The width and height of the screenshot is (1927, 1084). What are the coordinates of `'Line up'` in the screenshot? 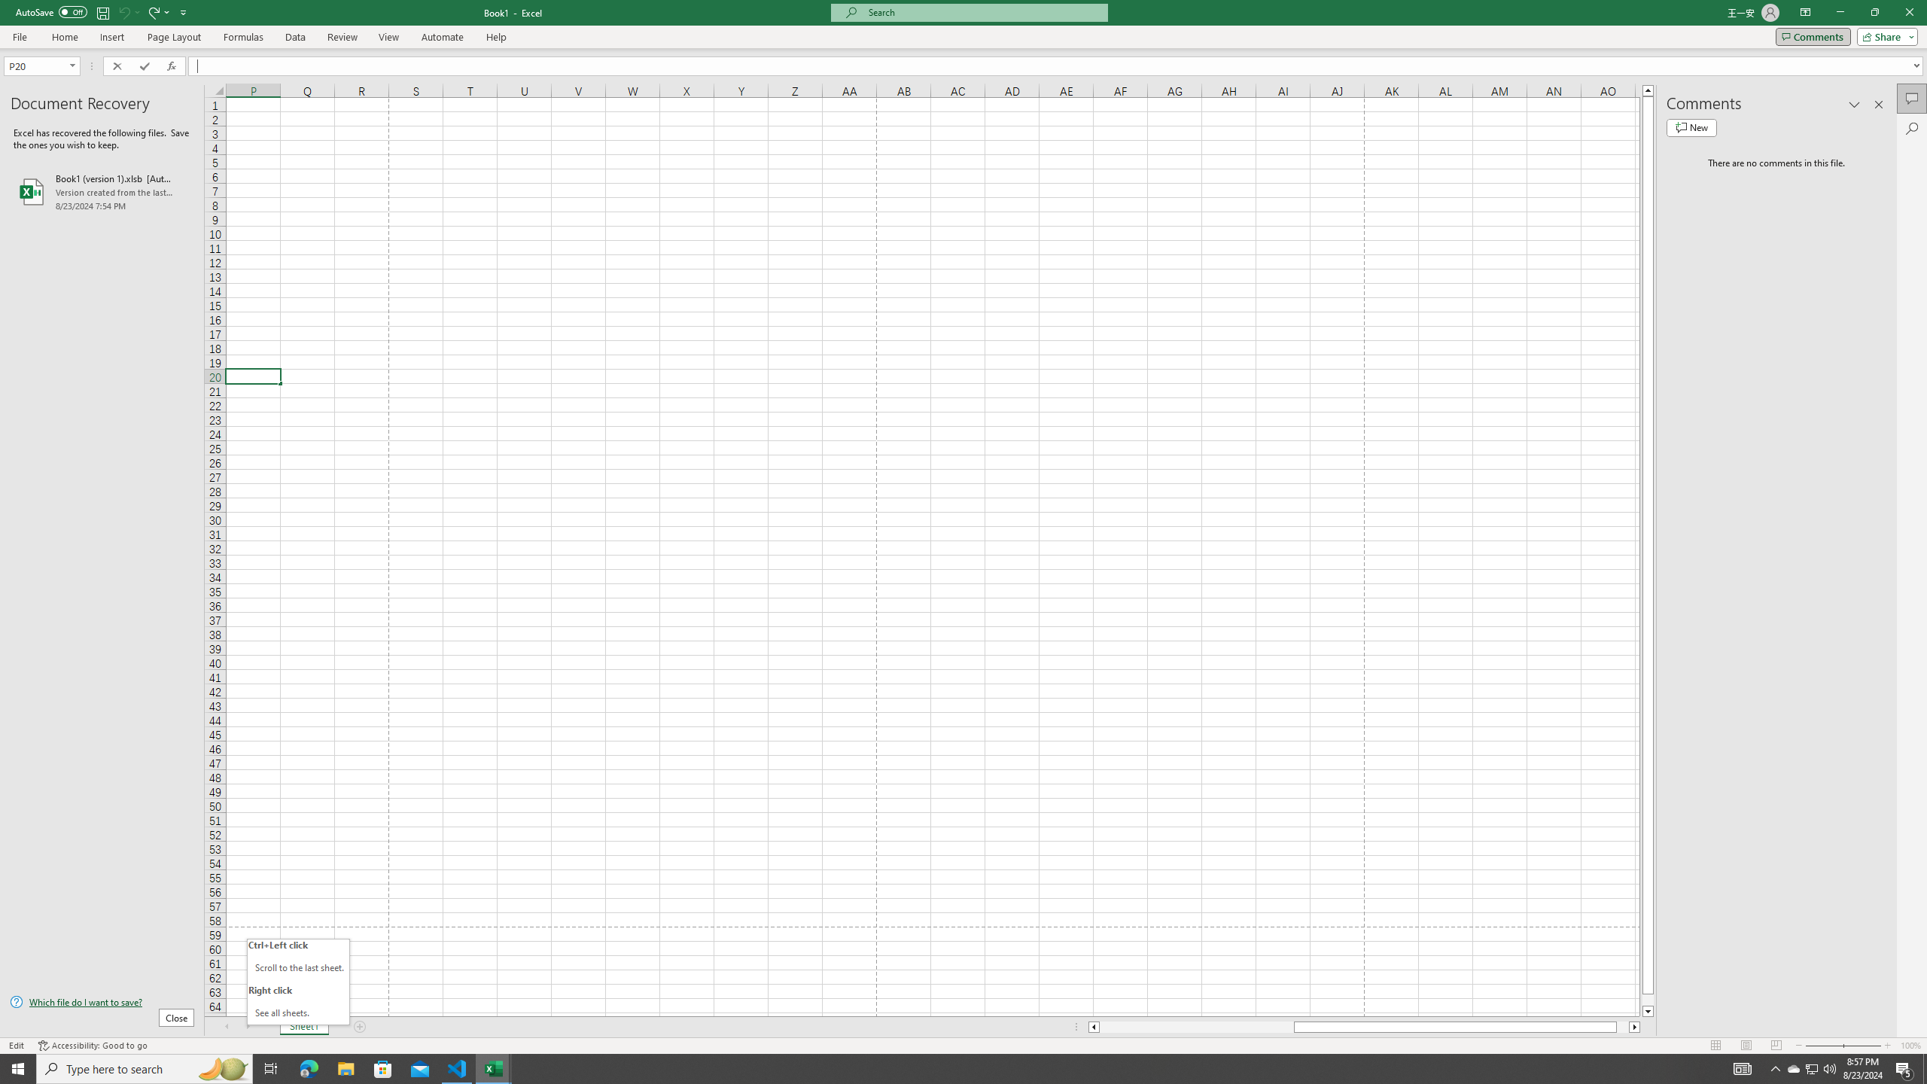 It's located at (1648, 89).